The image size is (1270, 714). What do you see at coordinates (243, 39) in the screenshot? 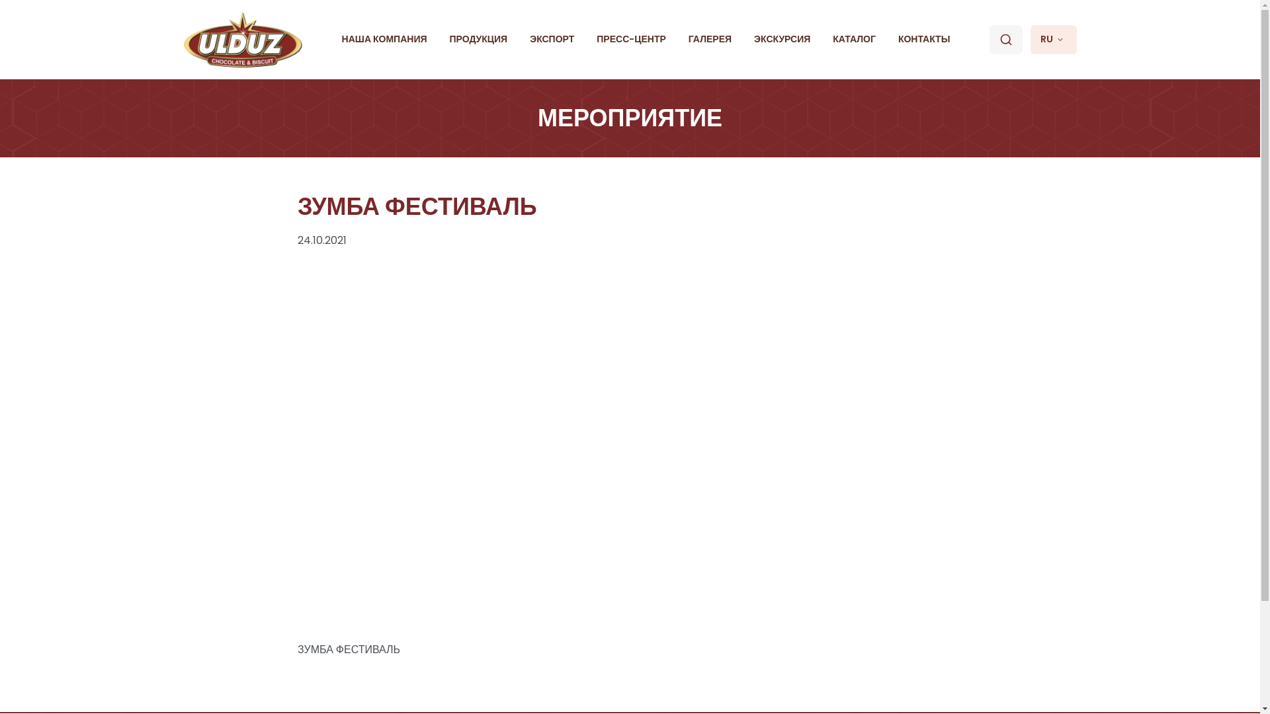
I see `'Ulduz'` at bounding box center [243, 39].